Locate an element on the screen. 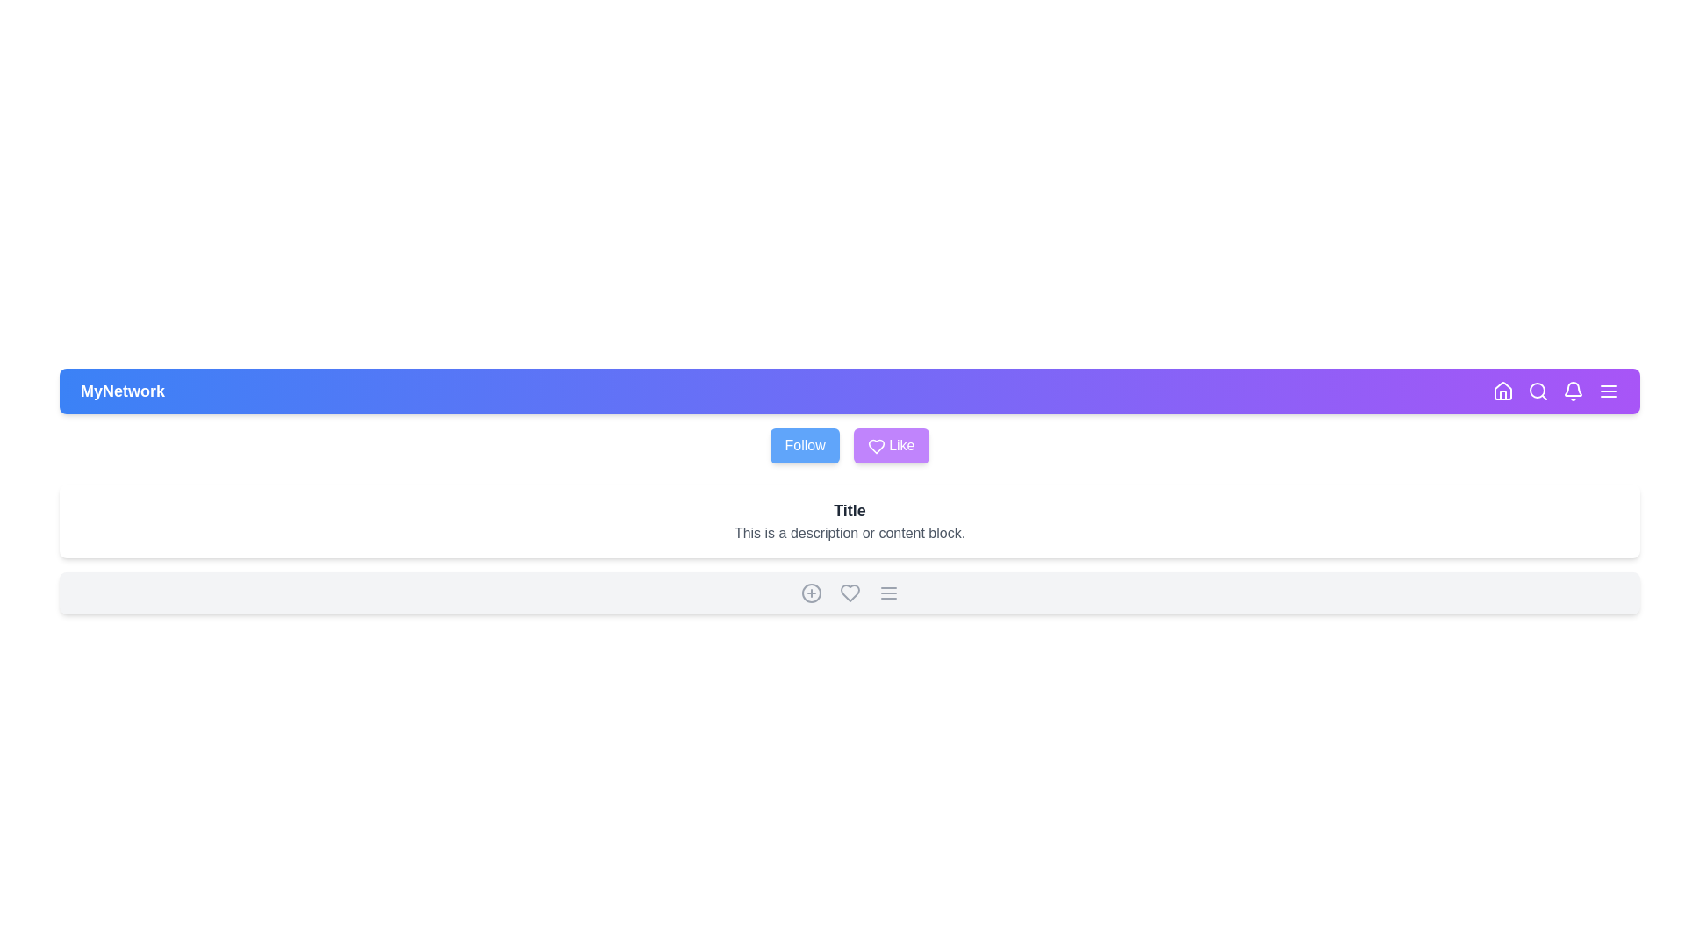 The width and height of the screenshot is (1685, 948). the first circular icon with a plus sign in the center, styled in gray, located among three interactive icons in the middle of the interface is located at coordinates (810, 592).